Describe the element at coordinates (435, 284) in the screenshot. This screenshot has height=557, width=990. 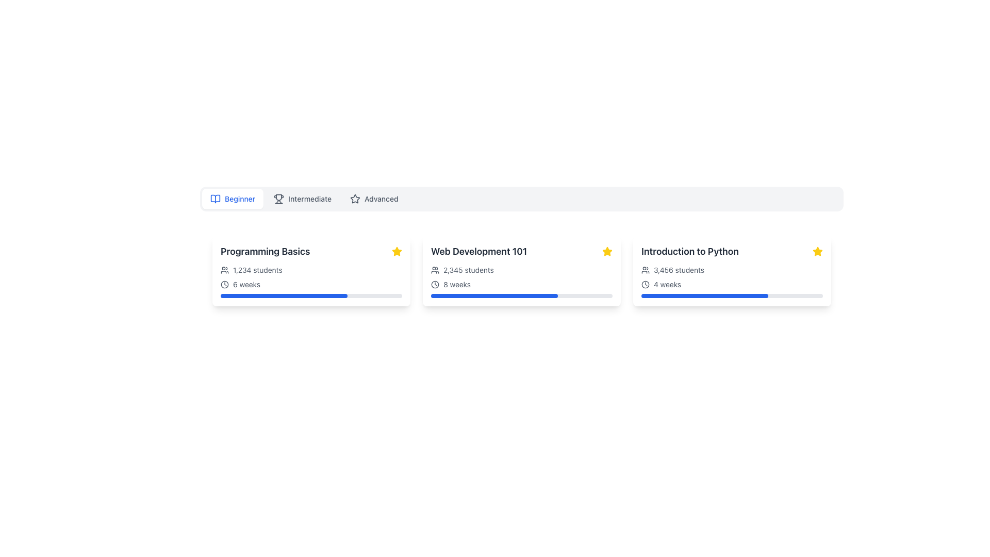
I see `the inner circular part of the clock icon, which is an outlined circle located to the left of the text indicating '8 weeks' in the 'Web Development 101' card` at that location.